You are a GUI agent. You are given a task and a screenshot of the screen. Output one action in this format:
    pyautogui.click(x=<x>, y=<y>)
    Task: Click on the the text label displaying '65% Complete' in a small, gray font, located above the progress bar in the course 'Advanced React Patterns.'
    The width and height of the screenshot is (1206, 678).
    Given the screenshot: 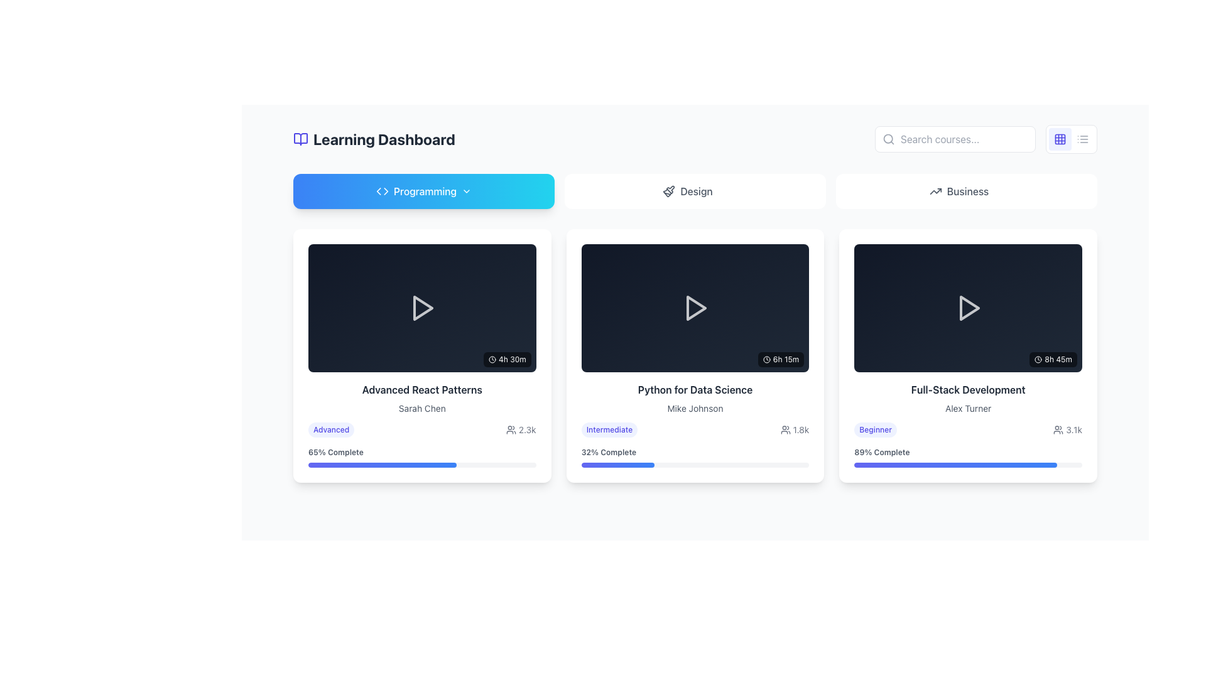 What is the action you would take?
    pyautogui.click(x=335, y=453)
    